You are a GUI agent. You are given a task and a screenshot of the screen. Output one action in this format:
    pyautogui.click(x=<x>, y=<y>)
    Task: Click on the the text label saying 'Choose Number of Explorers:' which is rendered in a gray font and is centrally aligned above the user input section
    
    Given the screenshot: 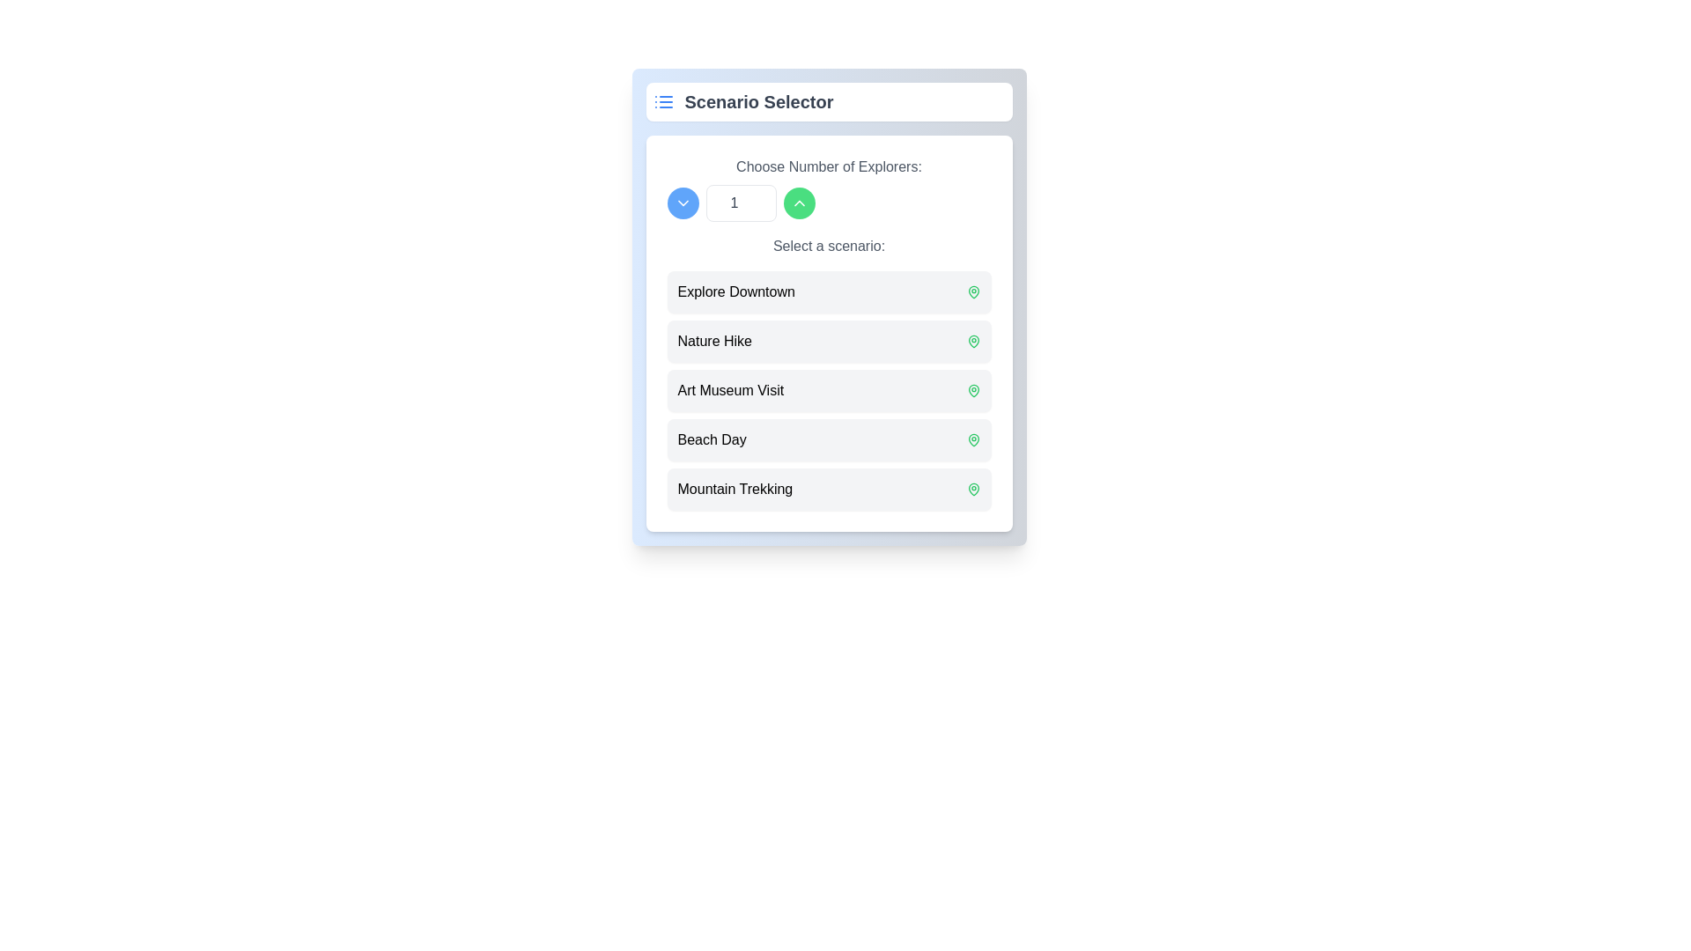 What is the action you would take?
    pyautogui.click(x=828, y=166)
    